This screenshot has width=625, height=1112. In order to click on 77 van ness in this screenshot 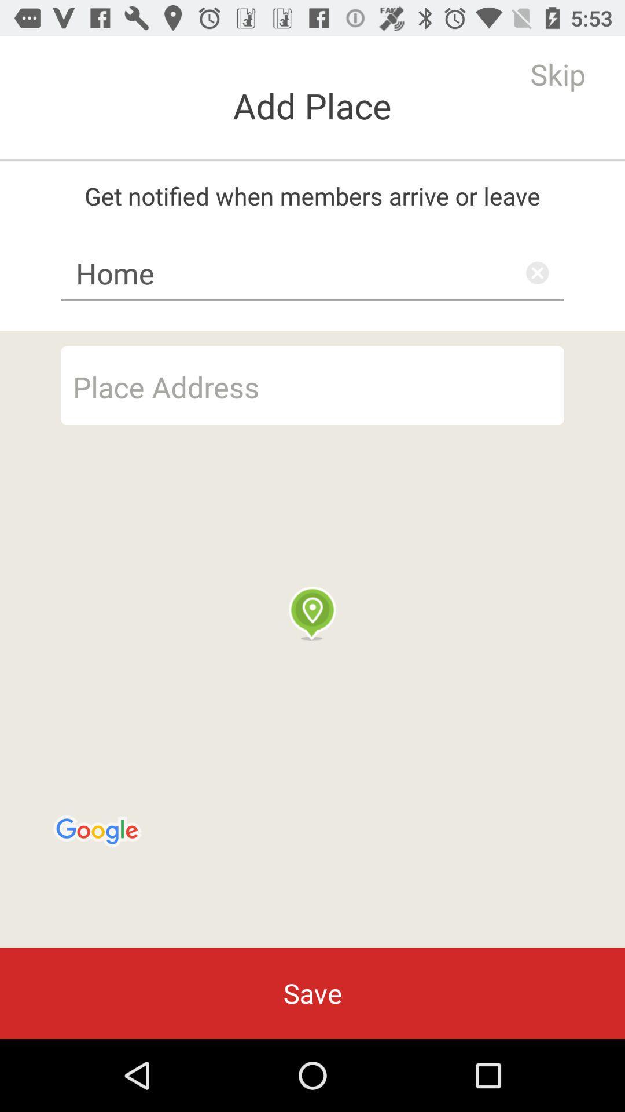, I will do `click(312, 385)`.